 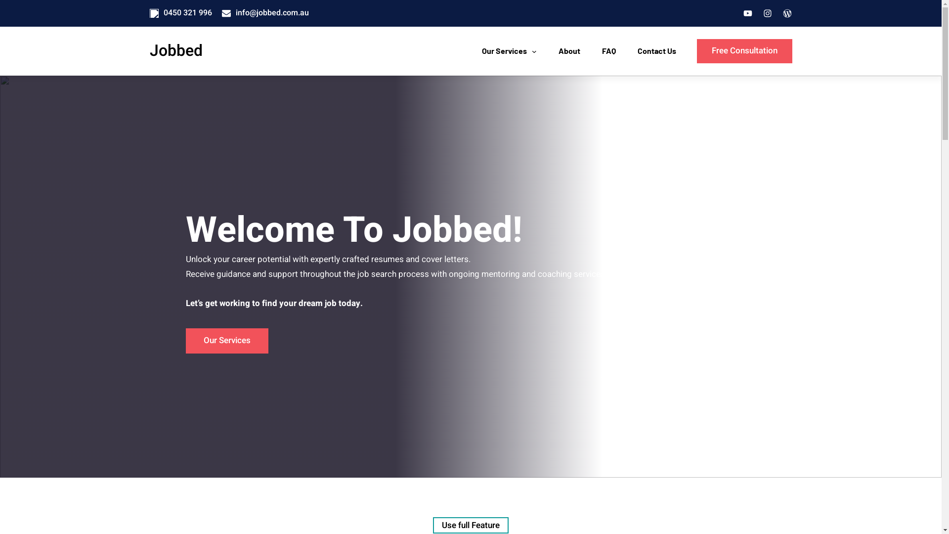 I want to click on 'Free Consultation', so click(x=744, y=51).